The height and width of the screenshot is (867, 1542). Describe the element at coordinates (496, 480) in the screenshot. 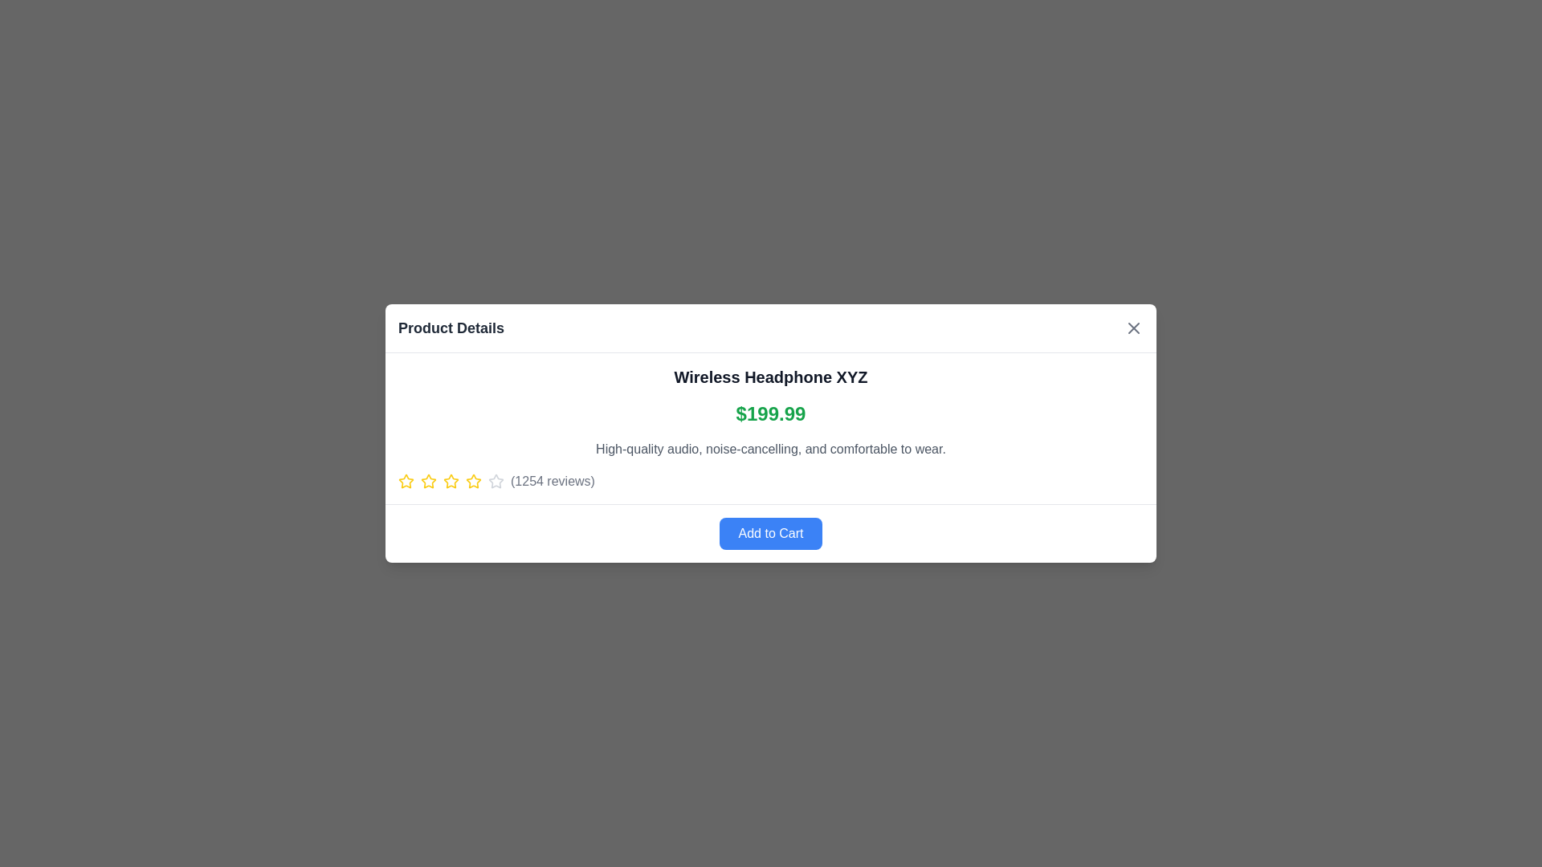

I see `the third star icon in the rating system, which is outlined in light gray and partially filled, indicating a rating, located below the product name and price` at that location.